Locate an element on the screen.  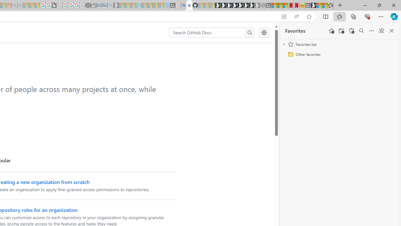
'Bing Real Estate - Home sales and rental listings - Sleeping' is located at coordinates (110, 5).